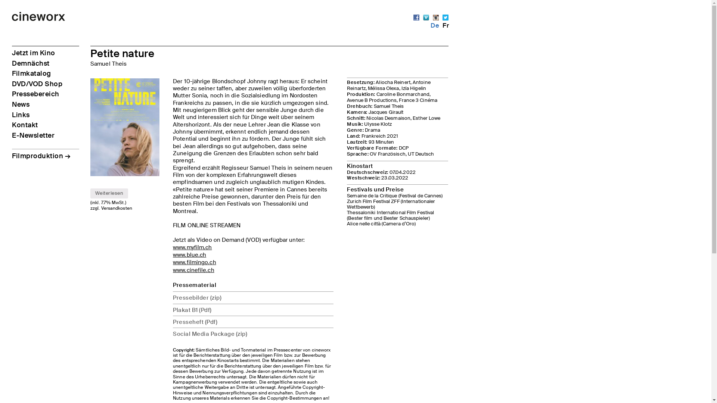  What do you see at coordinates (37, 84) in the screenshot?
I see `'DVD/VOD Shop'` at bounding box center [37, 84].